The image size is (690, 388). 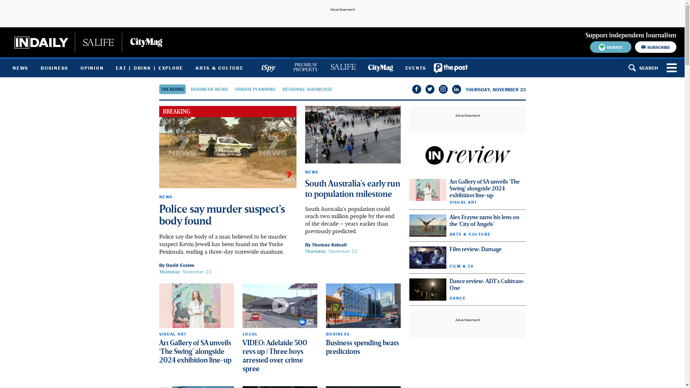 I want to click on 'DONATE', so click(x=610, y=47).